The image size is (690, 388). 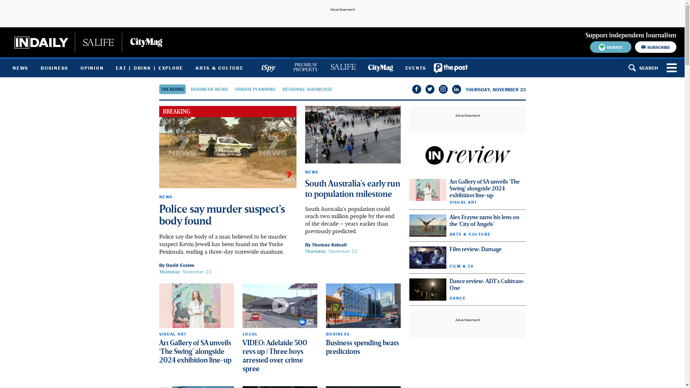 I want to click on 'DONATE', so click(x=610, y=47).